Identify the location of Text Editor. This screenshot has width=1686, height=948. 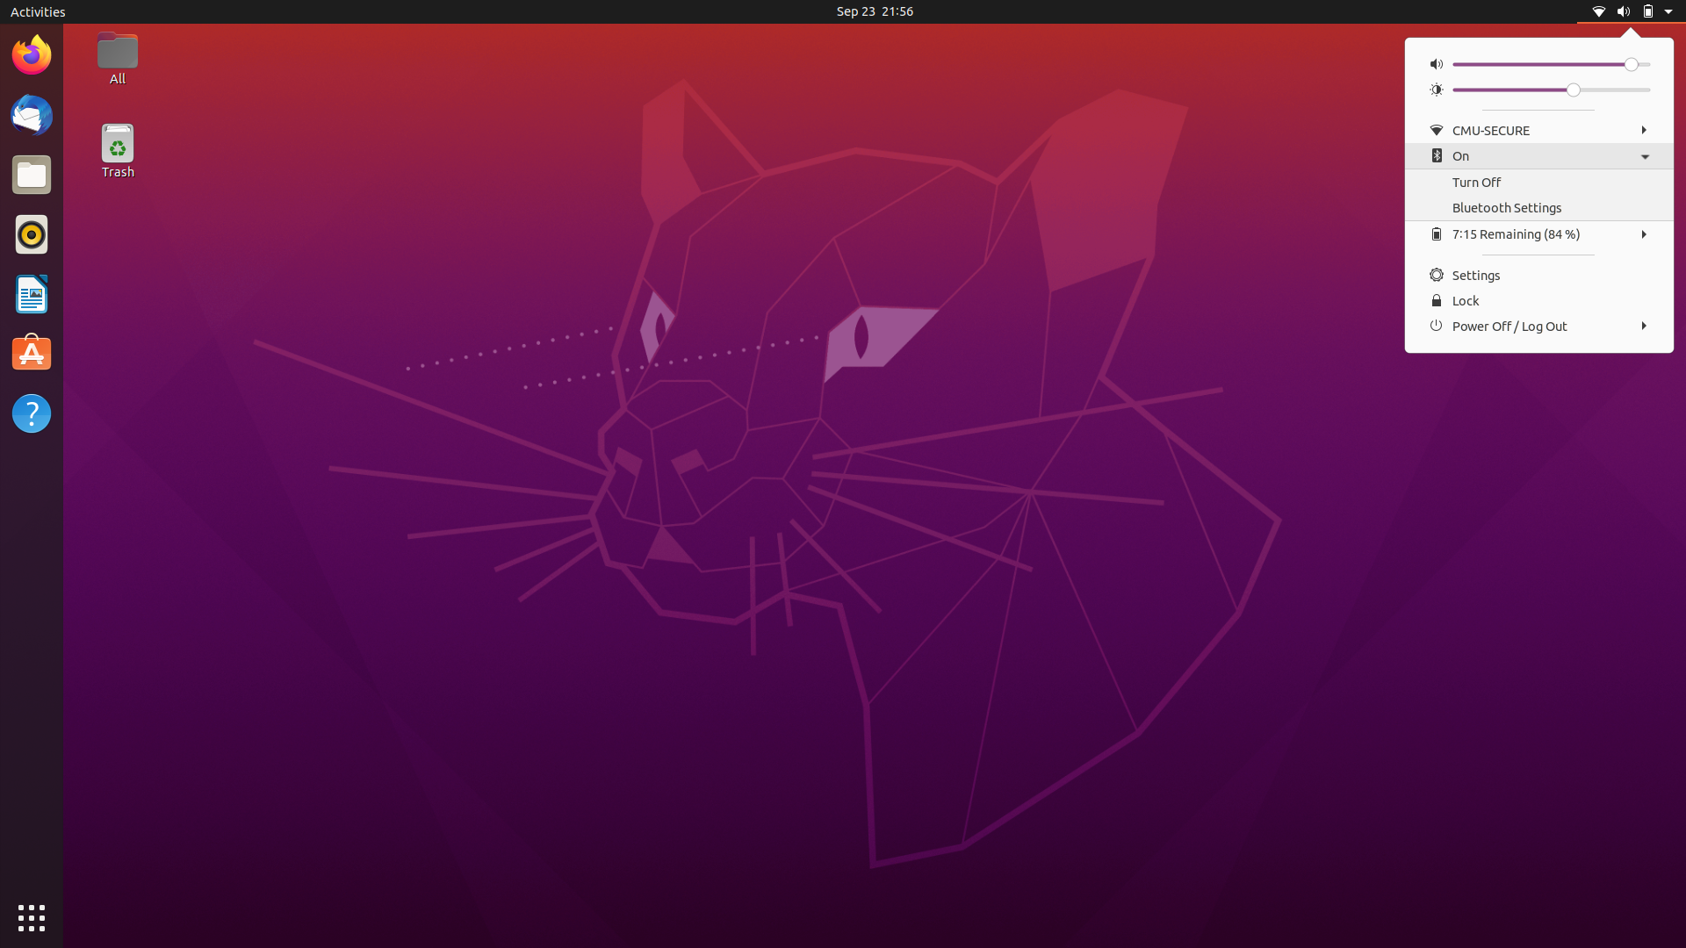
(31, 354).